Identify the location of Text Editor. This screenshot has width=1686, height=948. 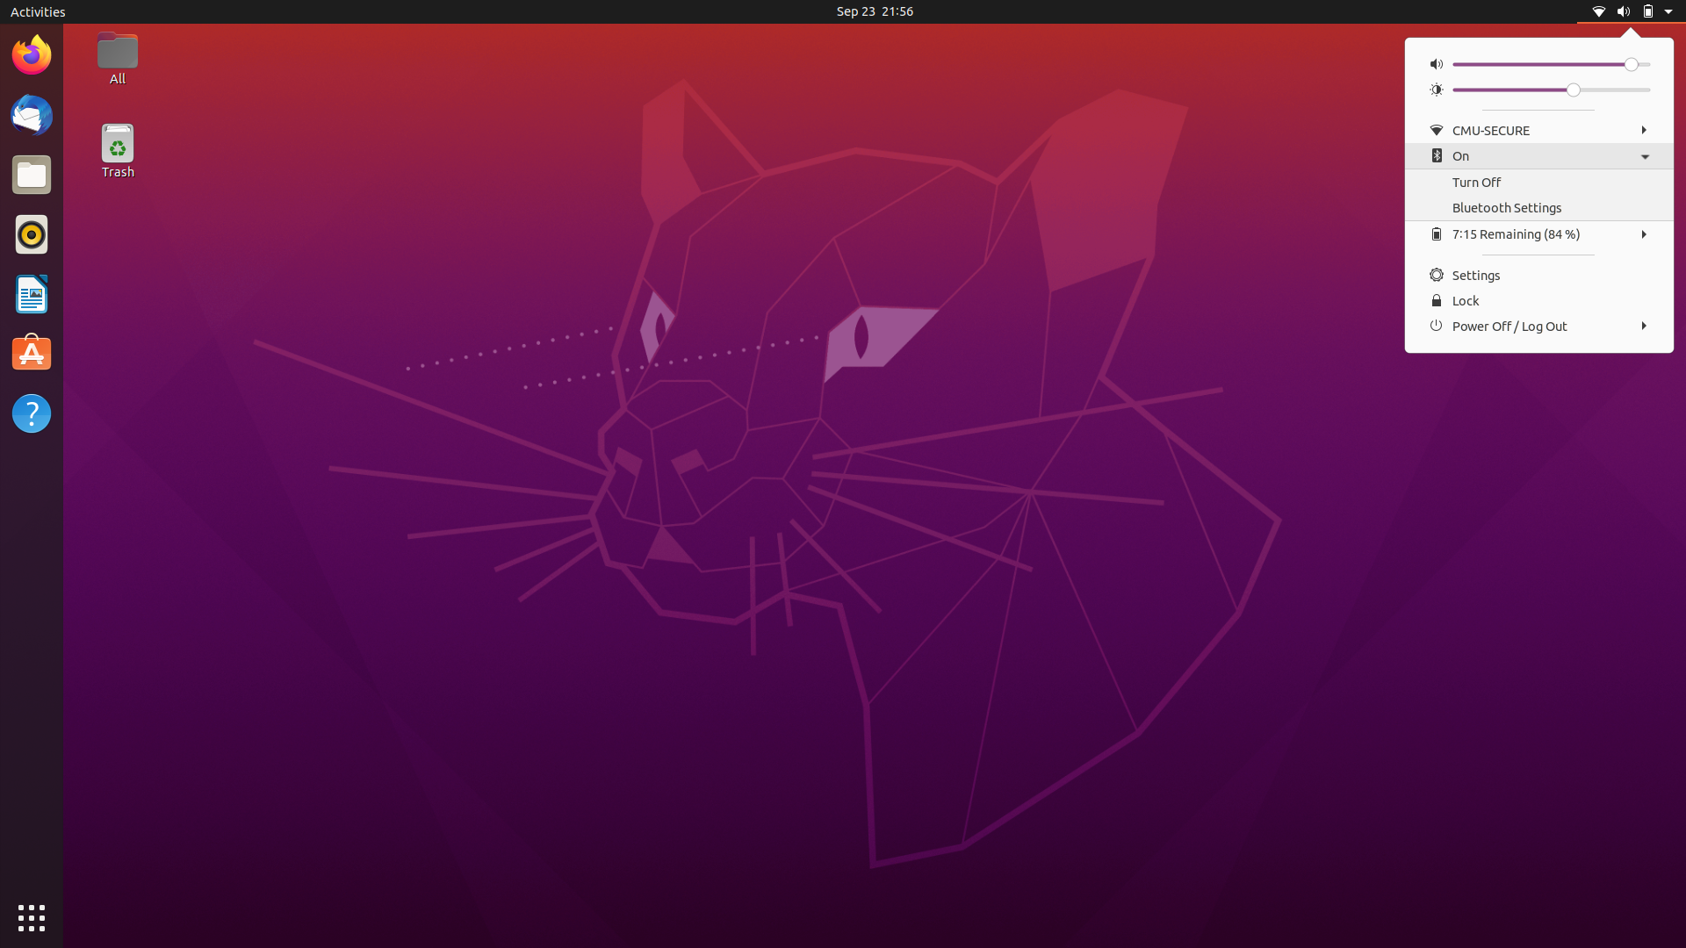
(31, 354).